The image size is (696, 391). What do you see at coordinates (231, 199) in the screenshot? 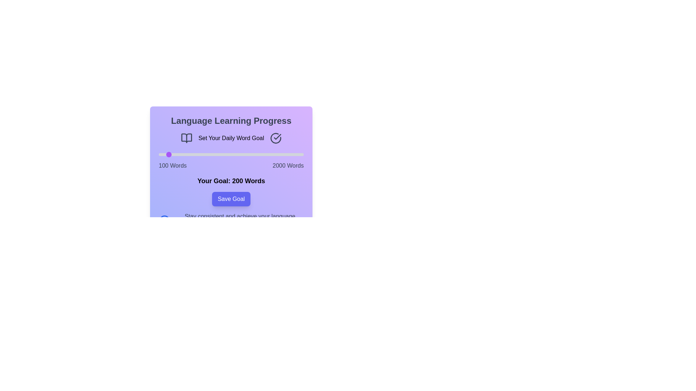
I see `the 'Save Goal' button` at bounding box center [231, 199].